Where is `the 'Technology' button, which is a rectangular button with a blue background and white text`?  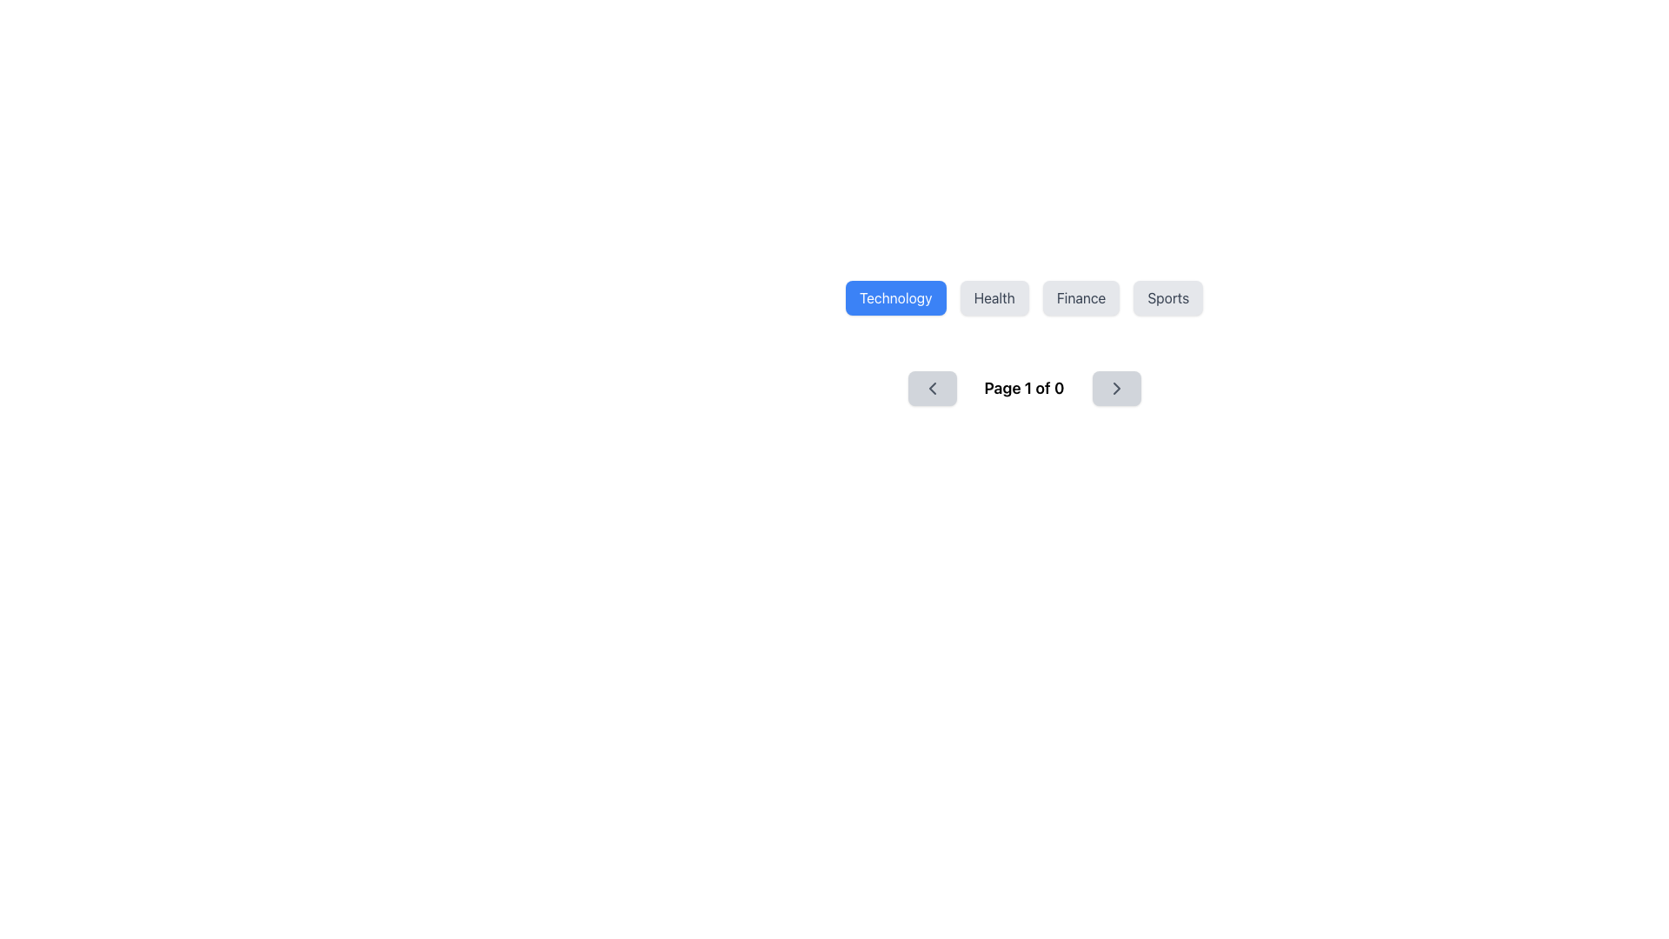 the 'Technology' button, which is a rectangular button with a blue background and white text is located at coordinates (895, 297).